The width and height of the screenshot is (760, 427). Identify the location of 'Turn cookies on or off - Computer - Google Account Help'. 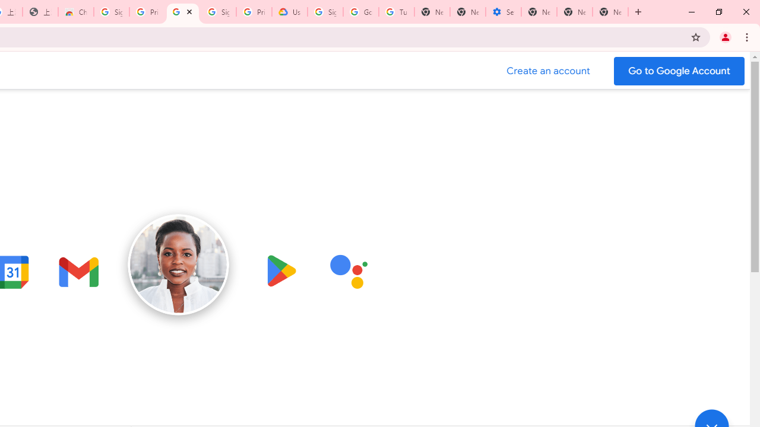
(396, 12).